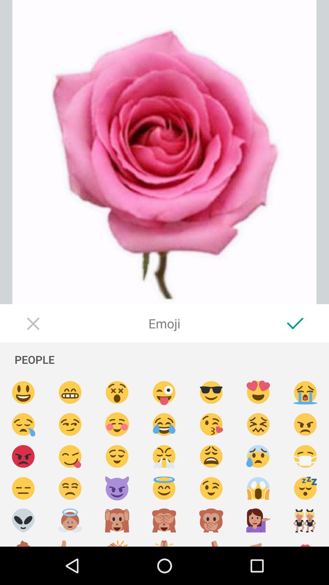  Describe the element at coordinates (70, 456) in the screenshot. I see `choose emoji` at that location.